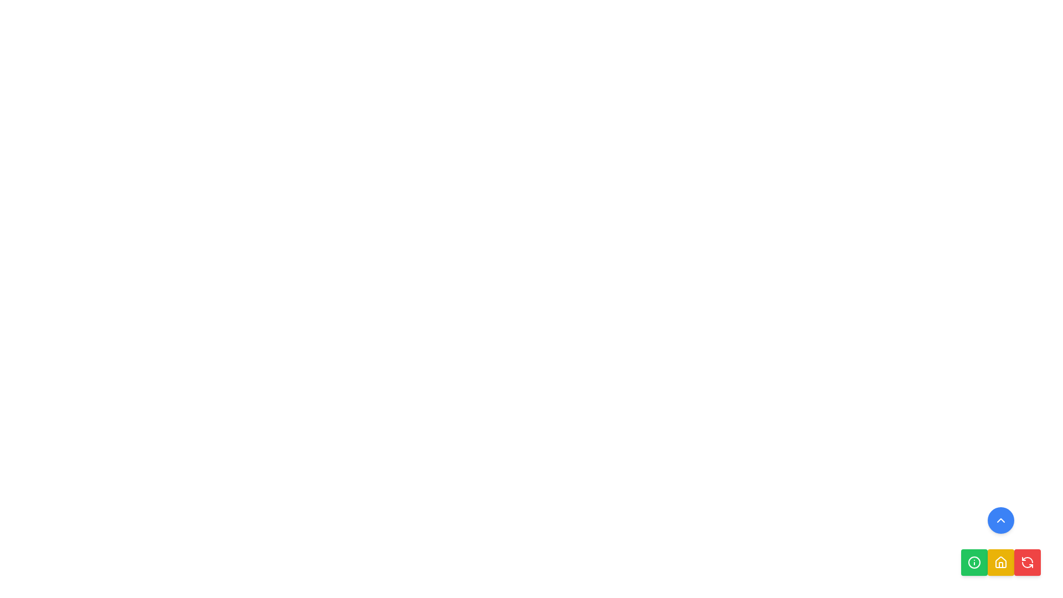  I want to click on the yellow rounded rectangular icon button located at the bottom-right corner of the interface, so click(1001, 562).